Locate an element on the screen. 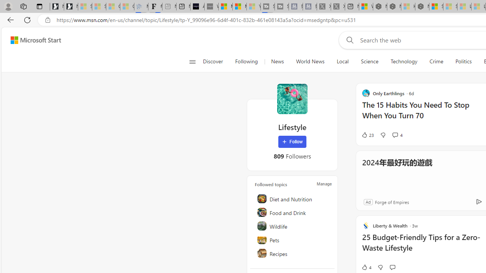 This screenshot has height=273, width=486. 'Start the conversation' is located at coordinates (392, 267).